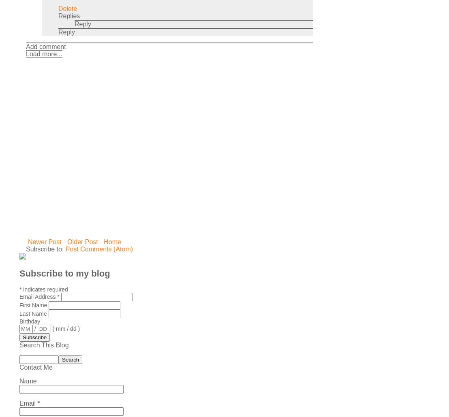  I want to click on 'First Name', so click(33, 305).